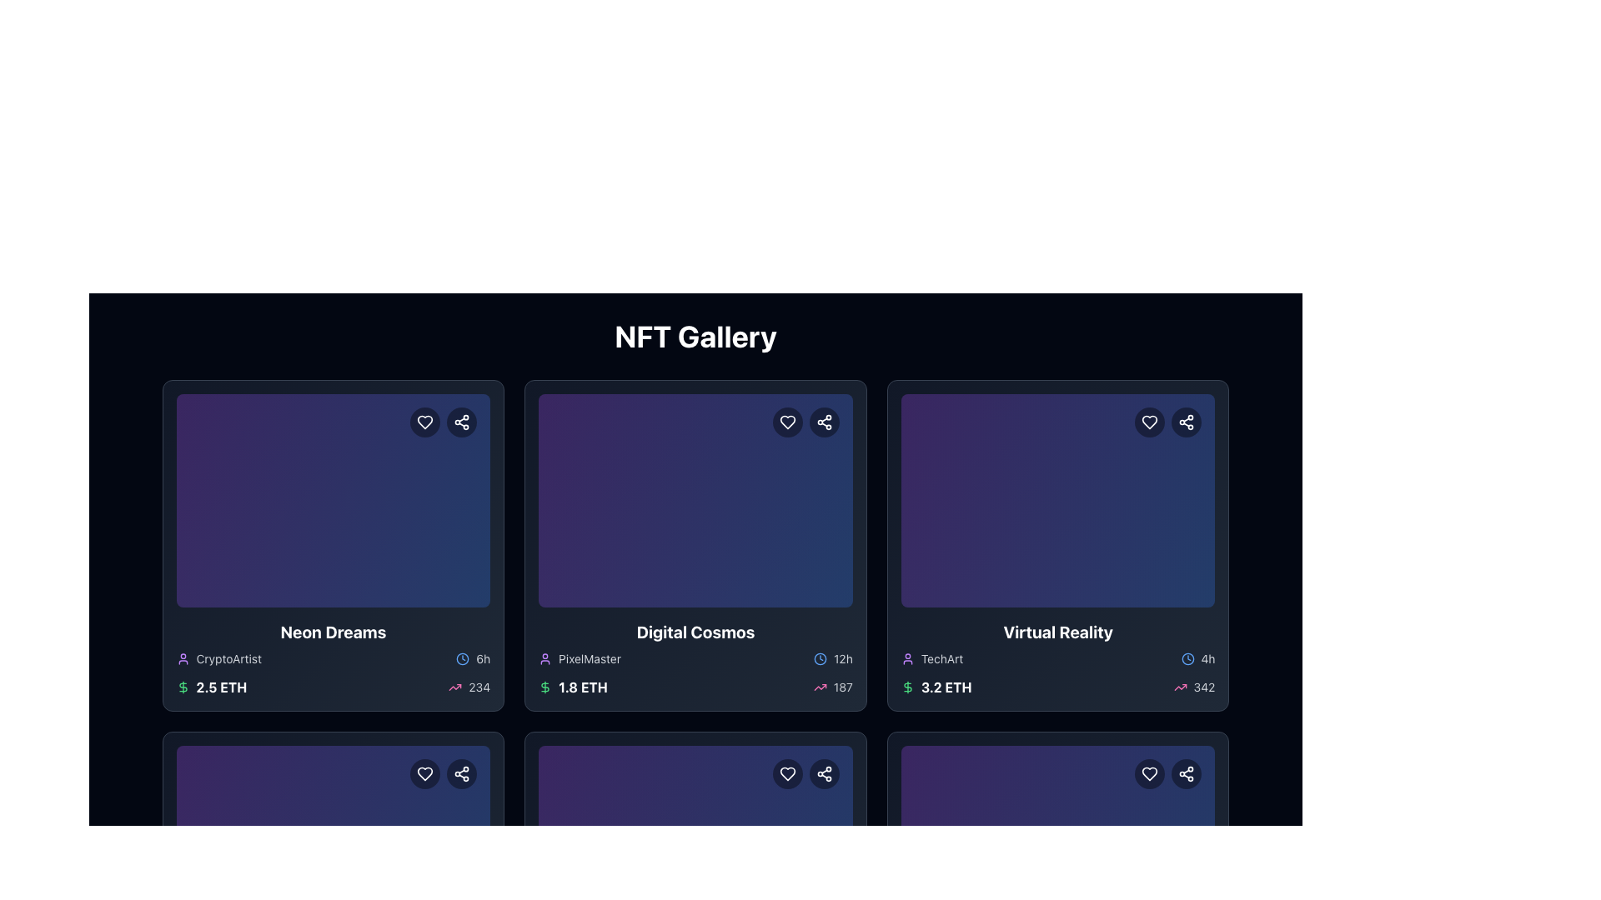 Image resolution: width=1601 pixels, height=900 pixels. Describe the element at coordinates (590, 657) in the screenshot. I see `the text label identifying the creator or owner of the item in the 'Digital Cosmos' card, positioned right of the user-like icon` at that location.